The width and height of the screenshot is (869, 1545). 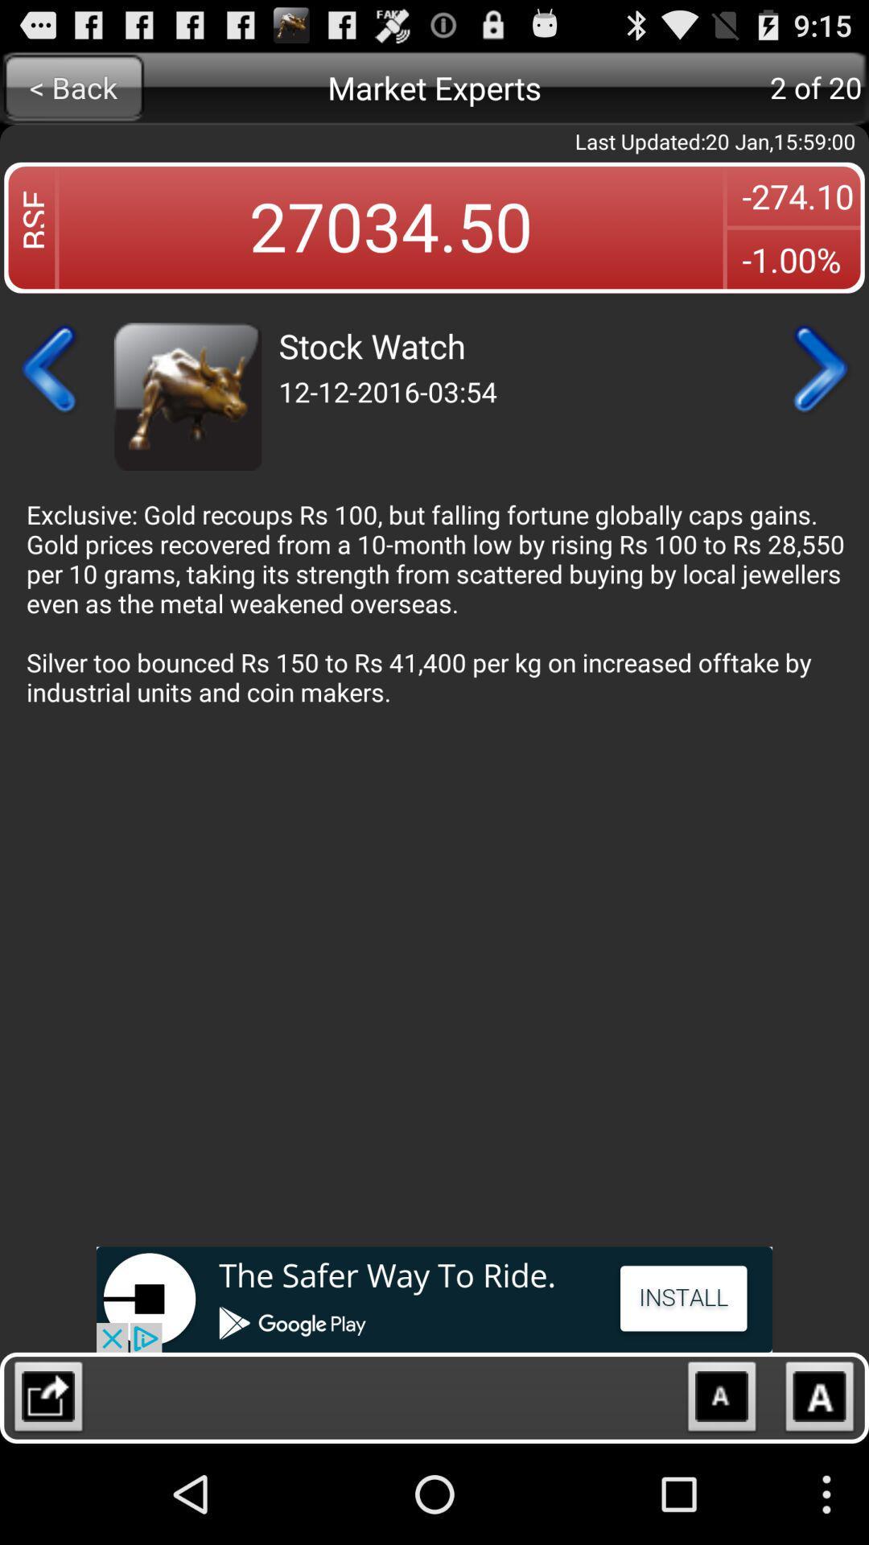 I want to click on the launch icon, so click(x=47, y=1498).